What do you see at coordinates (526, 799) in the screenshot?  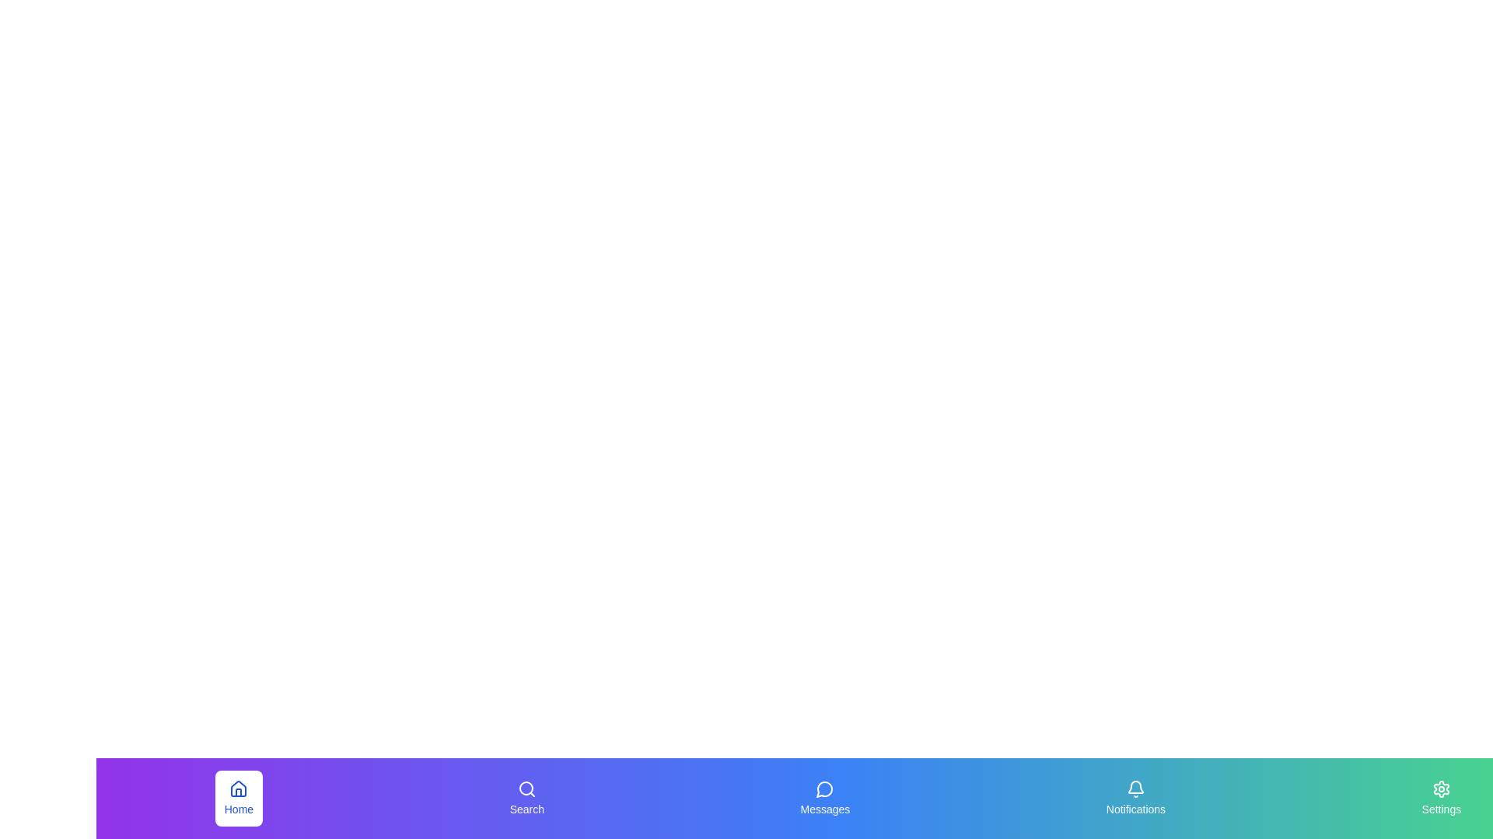 I see `the navigation tab labeled Search` at bounding box center [526, 799].